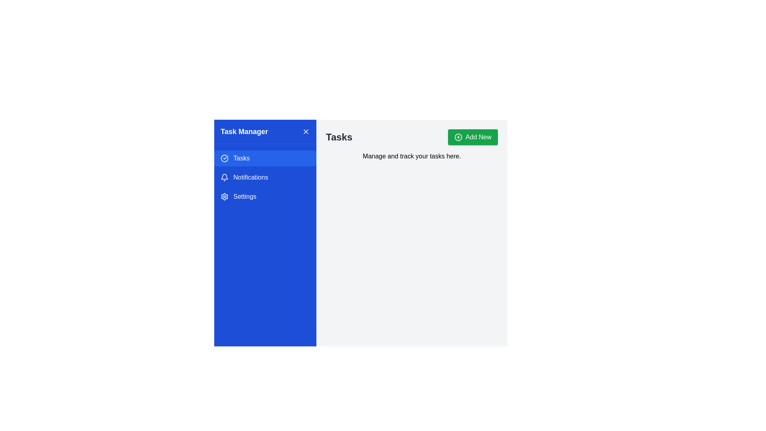 This screenshot has height=431, width=766. Describe the element at coordinates (224, 158) in the screenshot. I see `the 'Tasks' icon in the left-hand menu toolbar` at that location.